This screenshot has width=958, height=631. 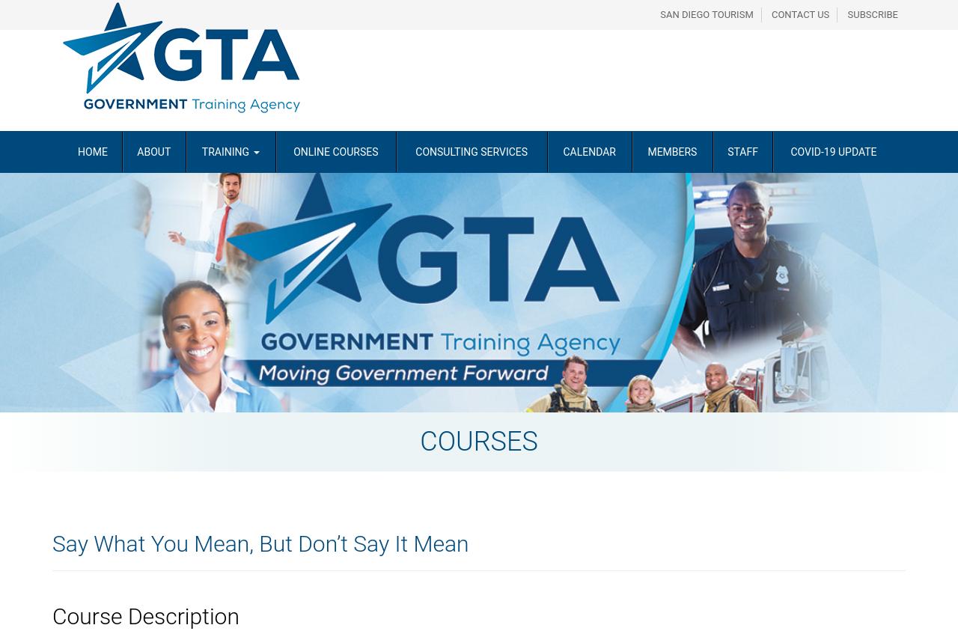 What do you see at coordinates (832, 150) in the screenshot?
I see `'COVID-19 Update'` at bounding box center [832, 150].